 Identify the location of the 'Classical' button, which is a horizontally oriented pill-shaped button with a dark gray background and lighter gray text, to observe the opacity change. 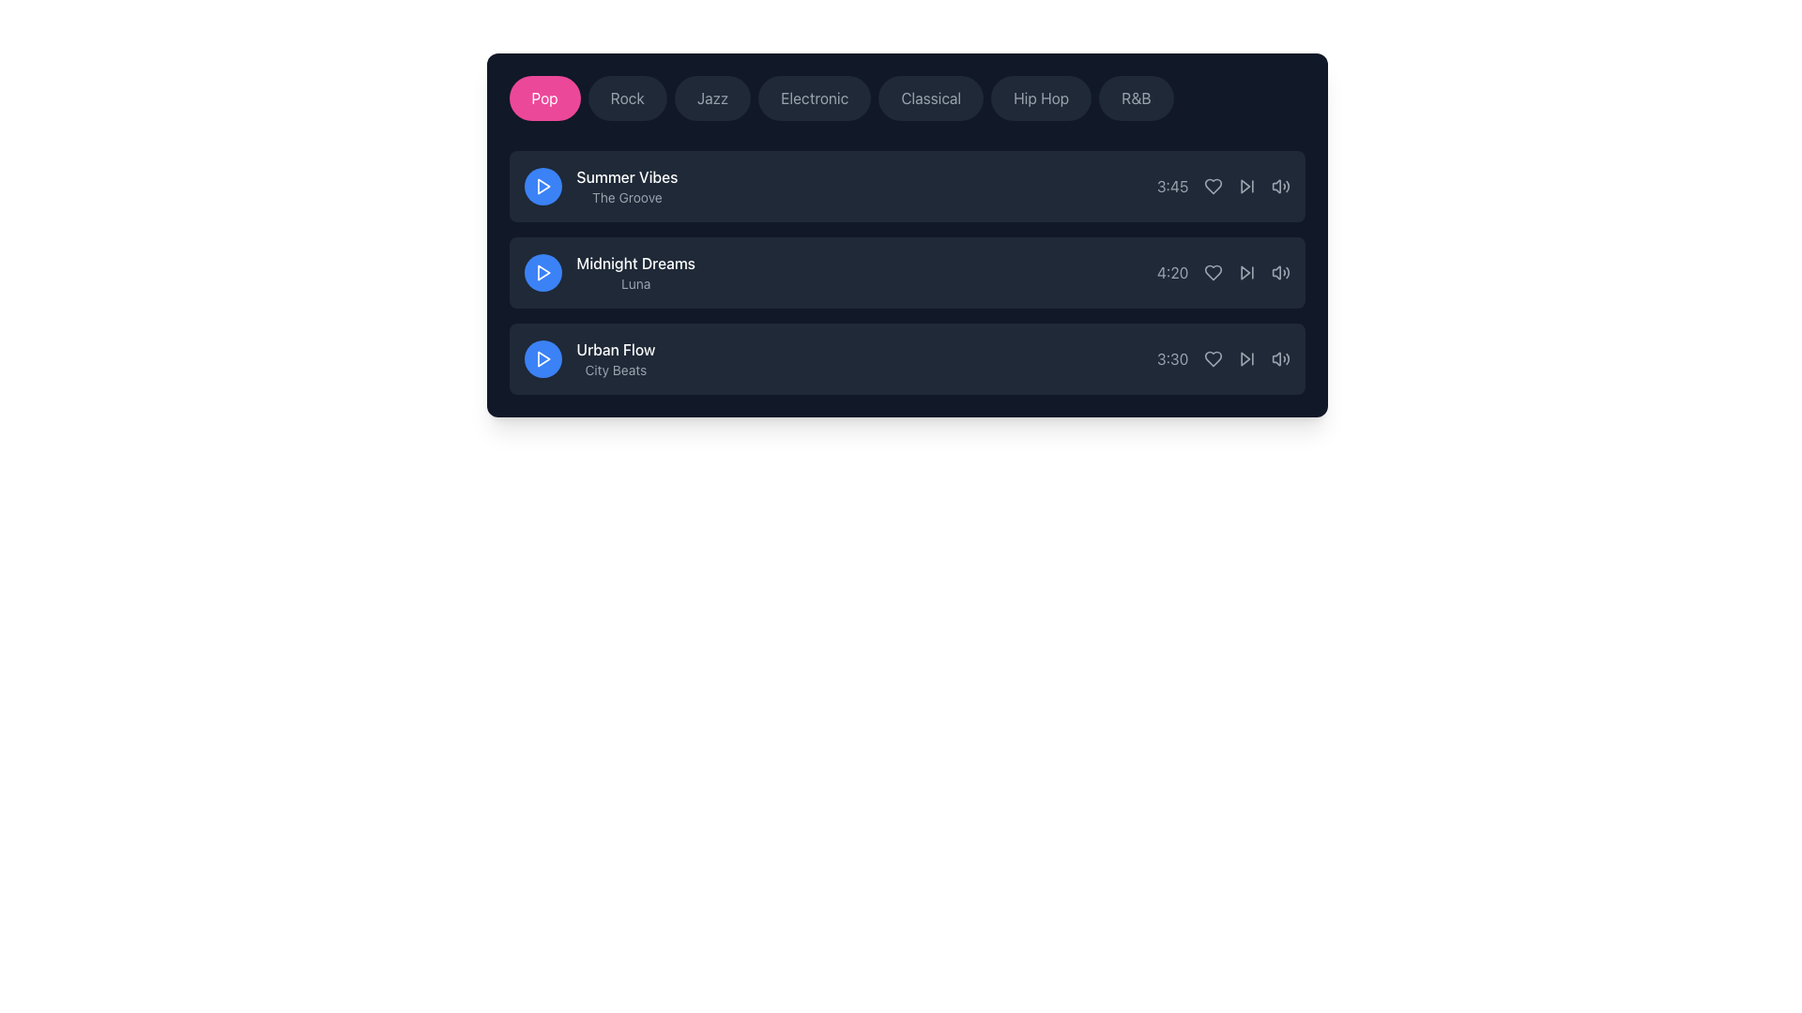
(931, 98).